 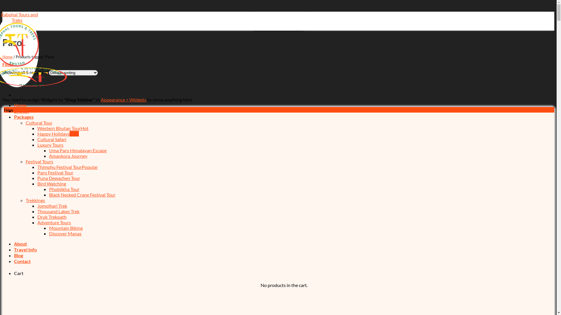 I want to click on 'Western Bhutan Tour', so click(x=63, y=128).